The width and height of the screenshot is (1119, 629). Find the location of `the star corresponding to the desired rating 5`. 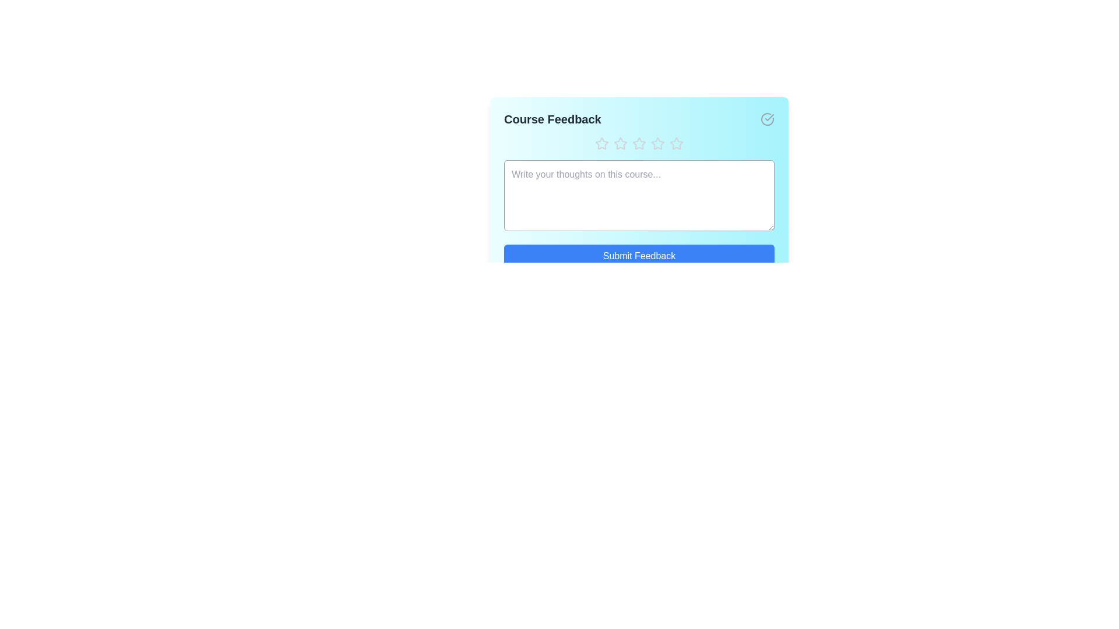

the star corresponding to the desired rating 5 is located at coordinates (677, 143).